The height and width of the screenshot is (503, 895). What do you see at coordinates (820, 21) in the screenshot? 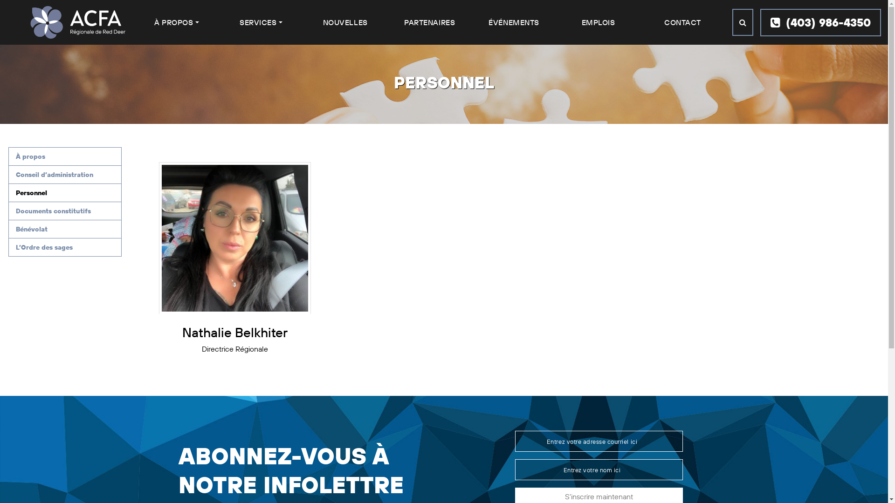
I see `'(403) 986-4350'` at bounding box center [820, 21].